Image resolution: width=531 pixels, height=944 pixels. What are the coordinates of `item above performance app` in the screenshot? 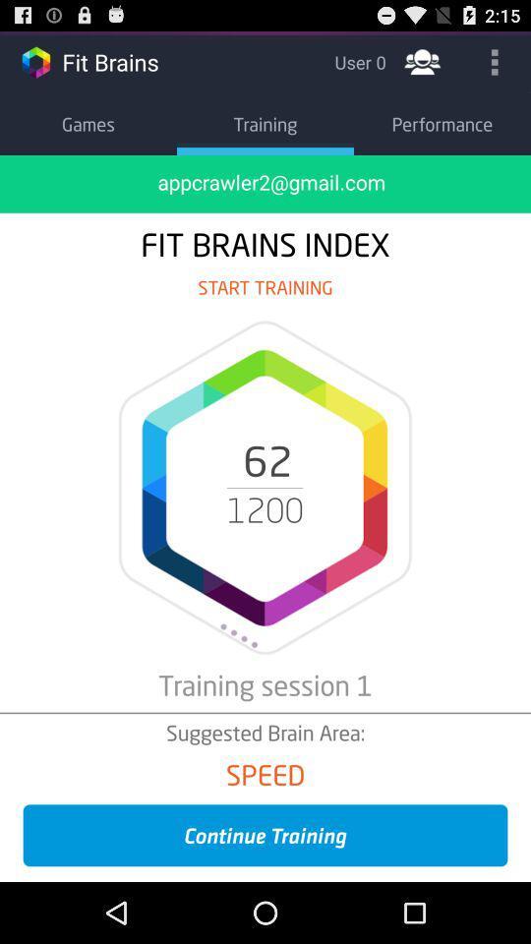 It's located at (494, 61).